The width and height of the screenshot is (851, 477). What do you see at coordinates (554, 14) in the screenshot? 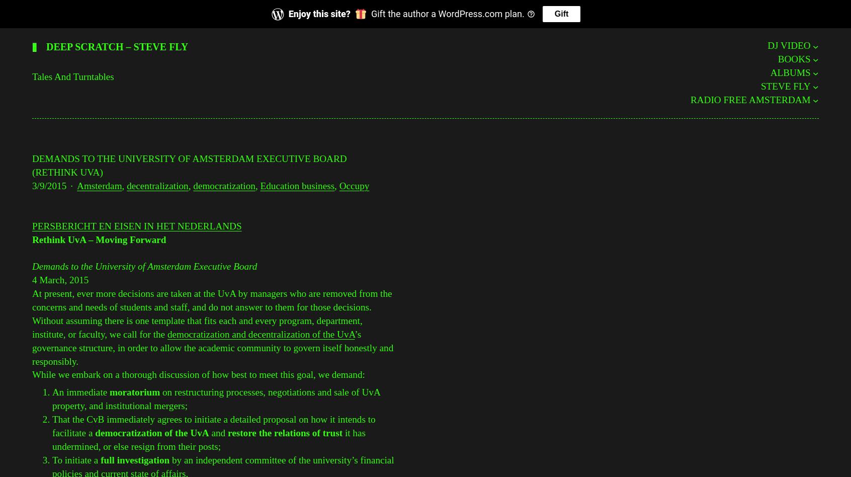
I see `'Gift'` at bounding box center [554, 14].